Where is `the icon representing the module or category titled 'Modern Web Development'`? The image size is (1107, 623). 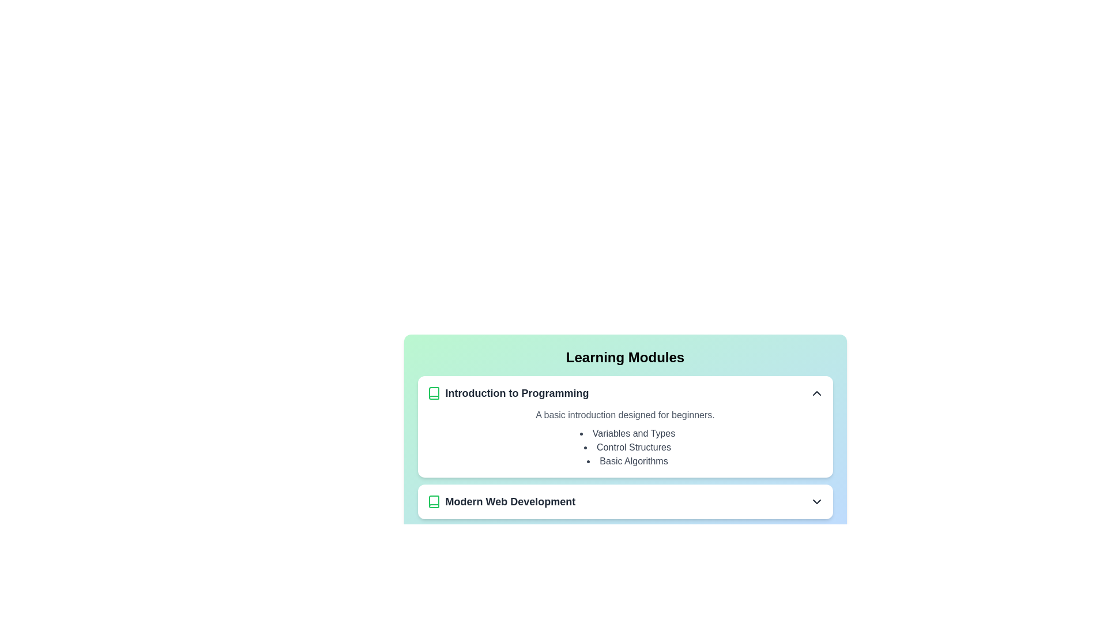
the icon representing the module or category titled 'Modern Web Development' is located at coordinates (433, 501).